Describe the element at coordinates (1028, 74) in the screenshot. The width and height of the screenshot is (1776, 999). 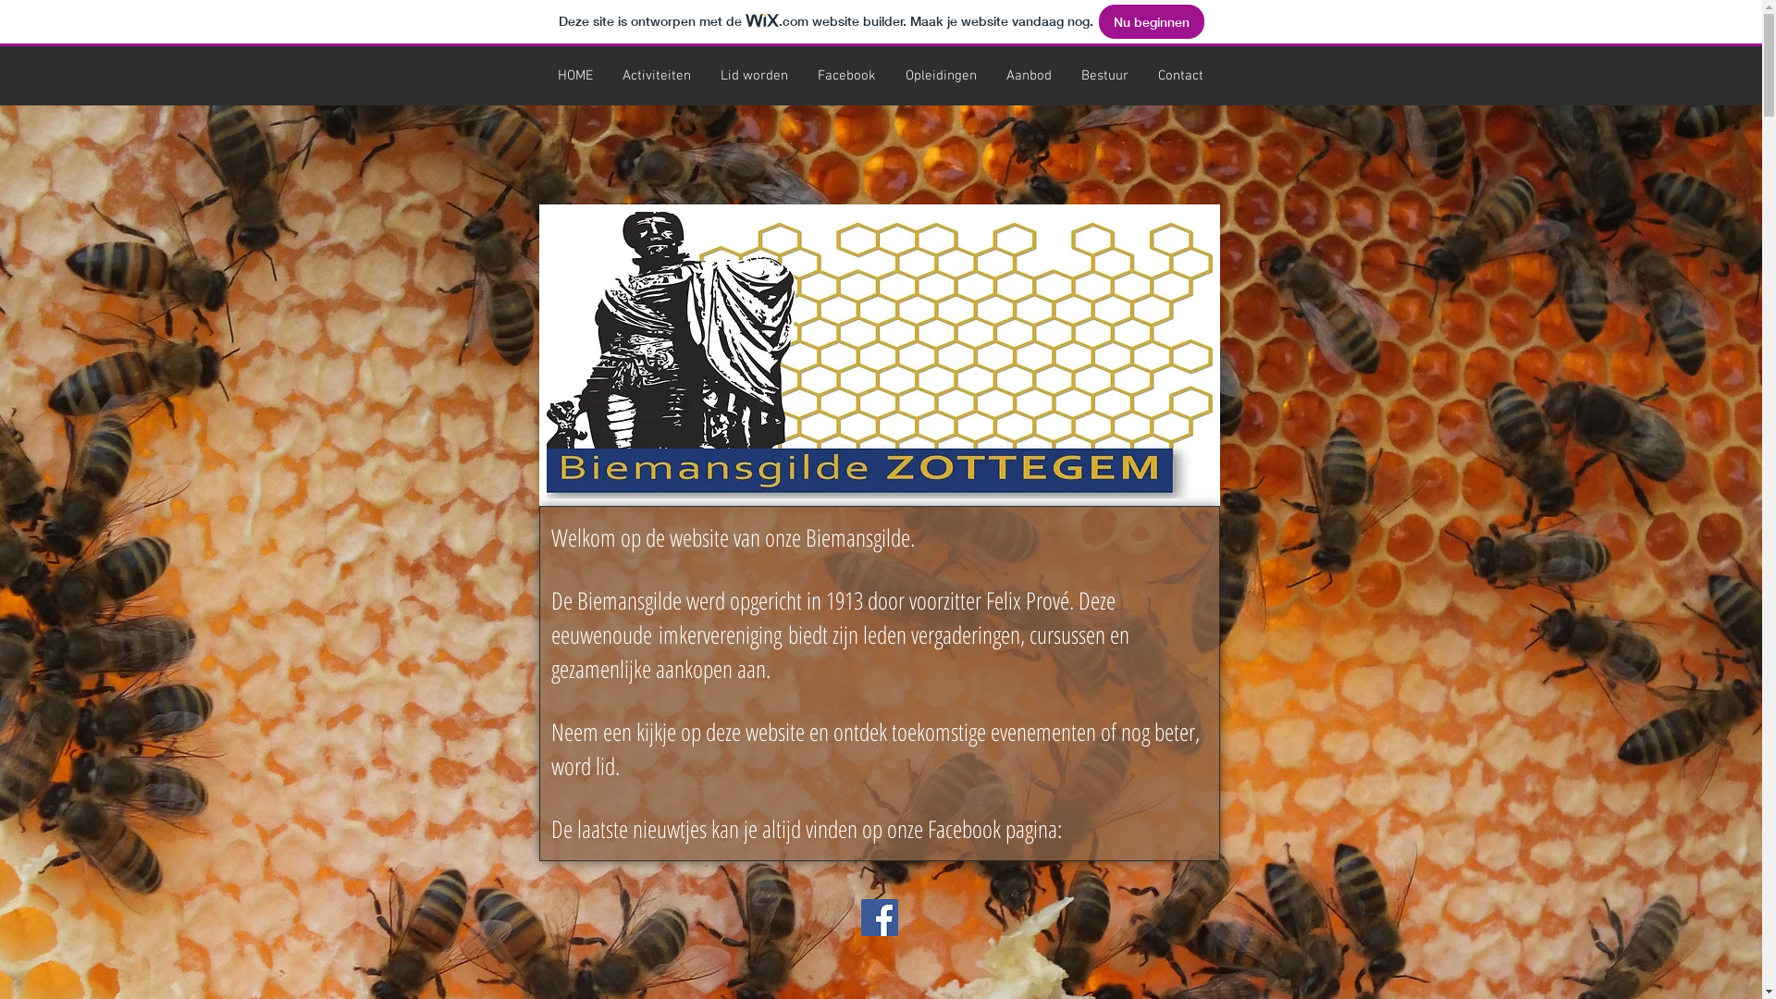
I see `'Aanbod'` at that location.